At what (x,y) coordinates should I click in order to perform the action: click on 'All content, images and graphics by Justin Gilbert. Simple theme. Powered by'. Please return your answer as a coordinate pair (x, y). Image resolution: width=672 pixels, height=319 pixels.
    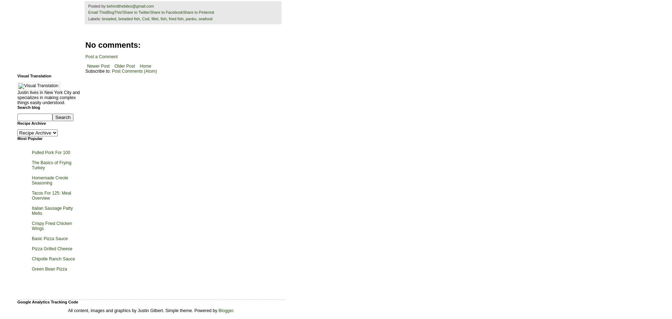
    Looking at the image, I should click on (143, 310).